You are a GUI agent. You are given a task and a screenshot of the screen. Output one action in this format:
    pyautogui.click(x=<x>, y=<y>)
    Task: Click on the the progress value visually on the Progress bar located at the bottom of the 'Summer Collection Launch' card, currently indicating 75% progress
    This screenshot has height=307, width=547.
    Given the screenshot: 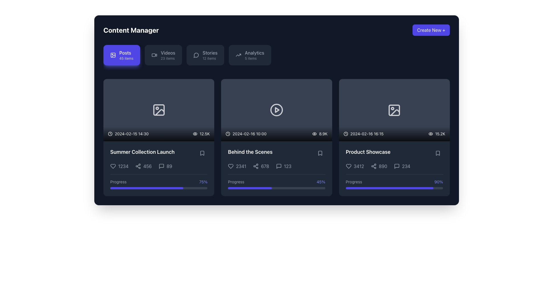 What is the action you would take?
    pyautogui.click(x=159, y=188)
    